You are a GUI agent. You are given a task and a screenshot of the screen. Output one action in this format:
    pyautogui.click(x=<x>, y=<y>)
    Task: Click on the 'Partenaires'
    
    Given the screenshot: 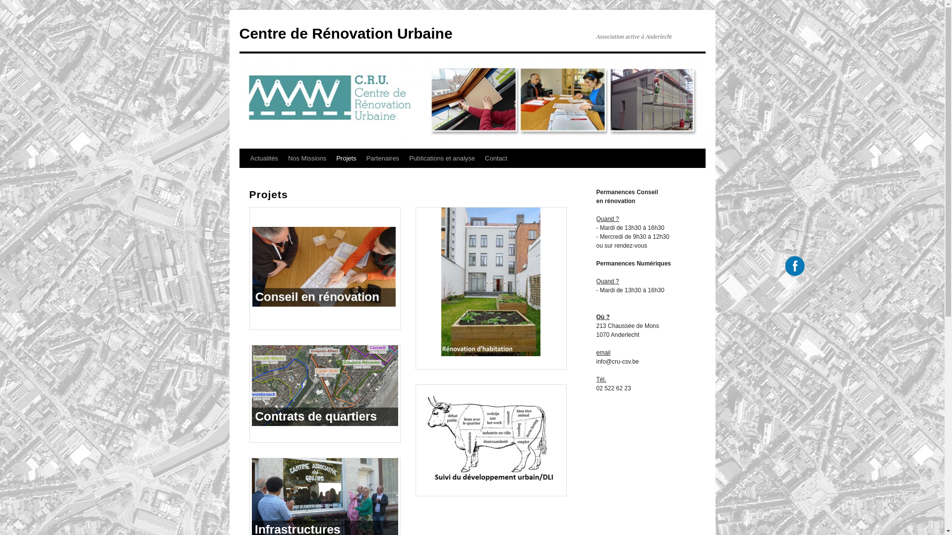 What is the action you would take?
    pyautogui.click(x=382, y=158)
    